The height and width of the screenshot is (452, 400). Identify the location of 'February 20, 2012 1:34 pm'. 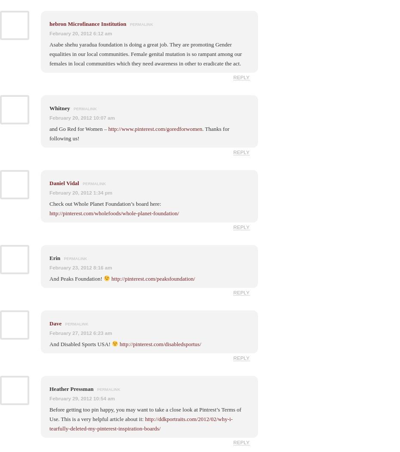
(80, 192).